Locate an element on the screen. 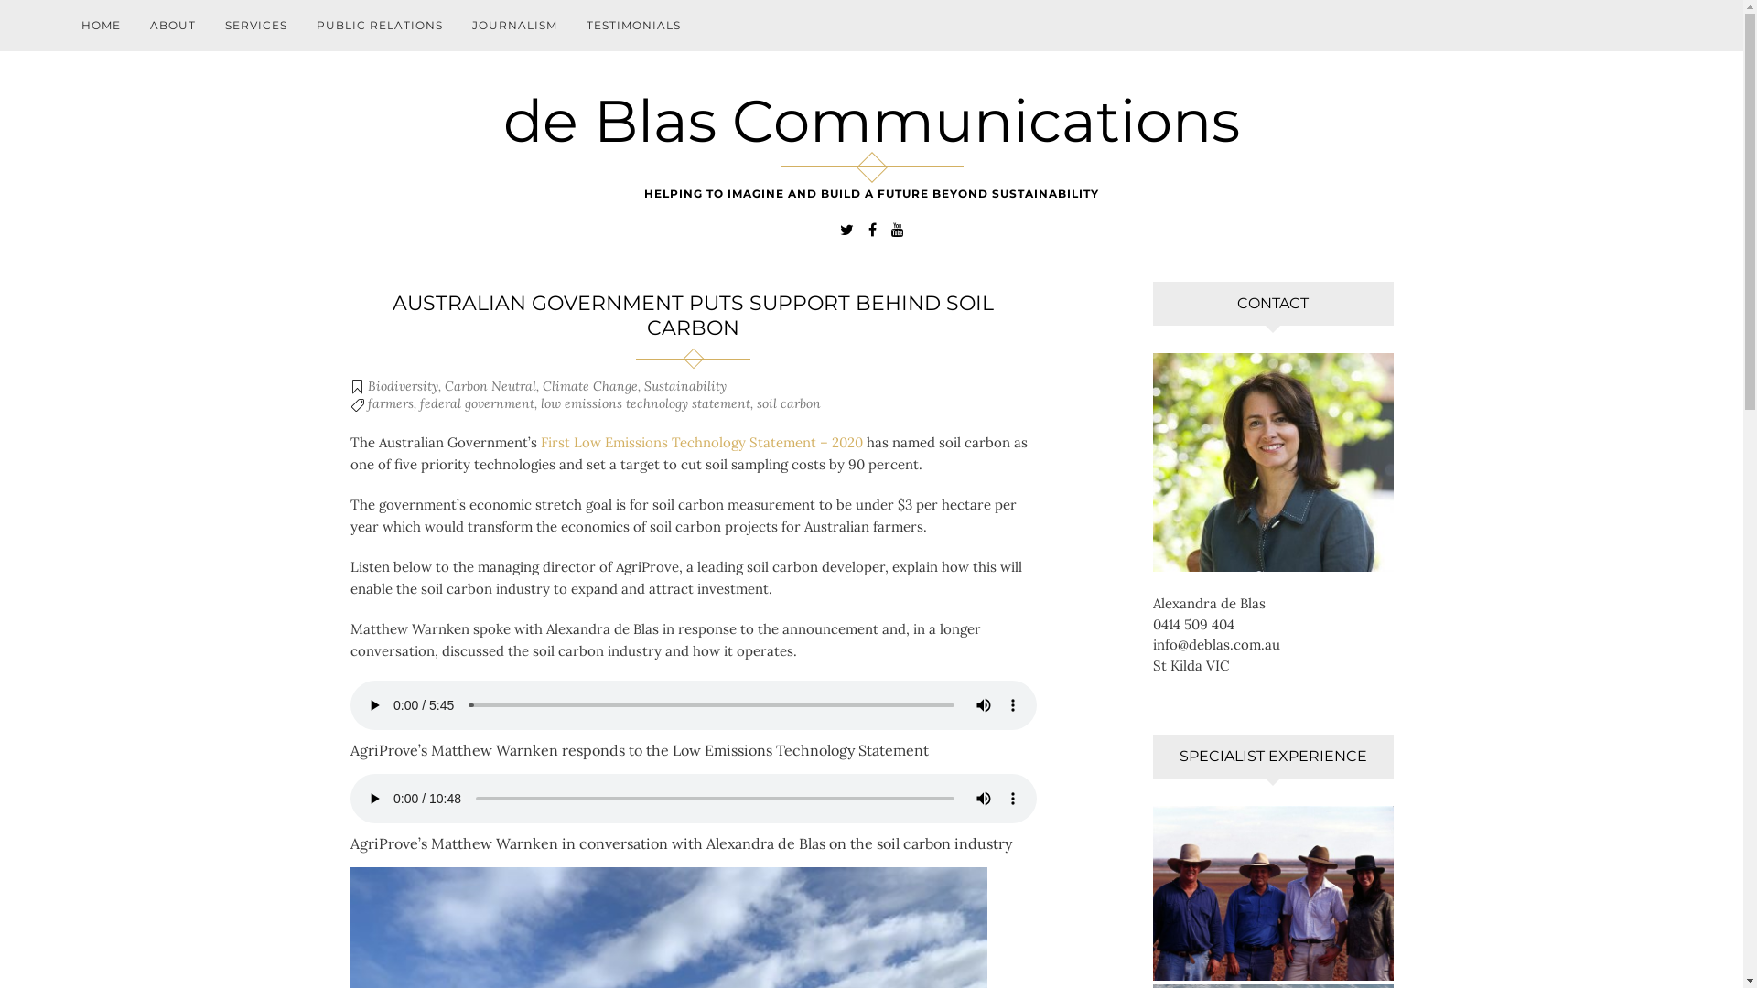 This screenshot has width=1757, height=988. 'ABOUT' is located at coordinates (172, 25).